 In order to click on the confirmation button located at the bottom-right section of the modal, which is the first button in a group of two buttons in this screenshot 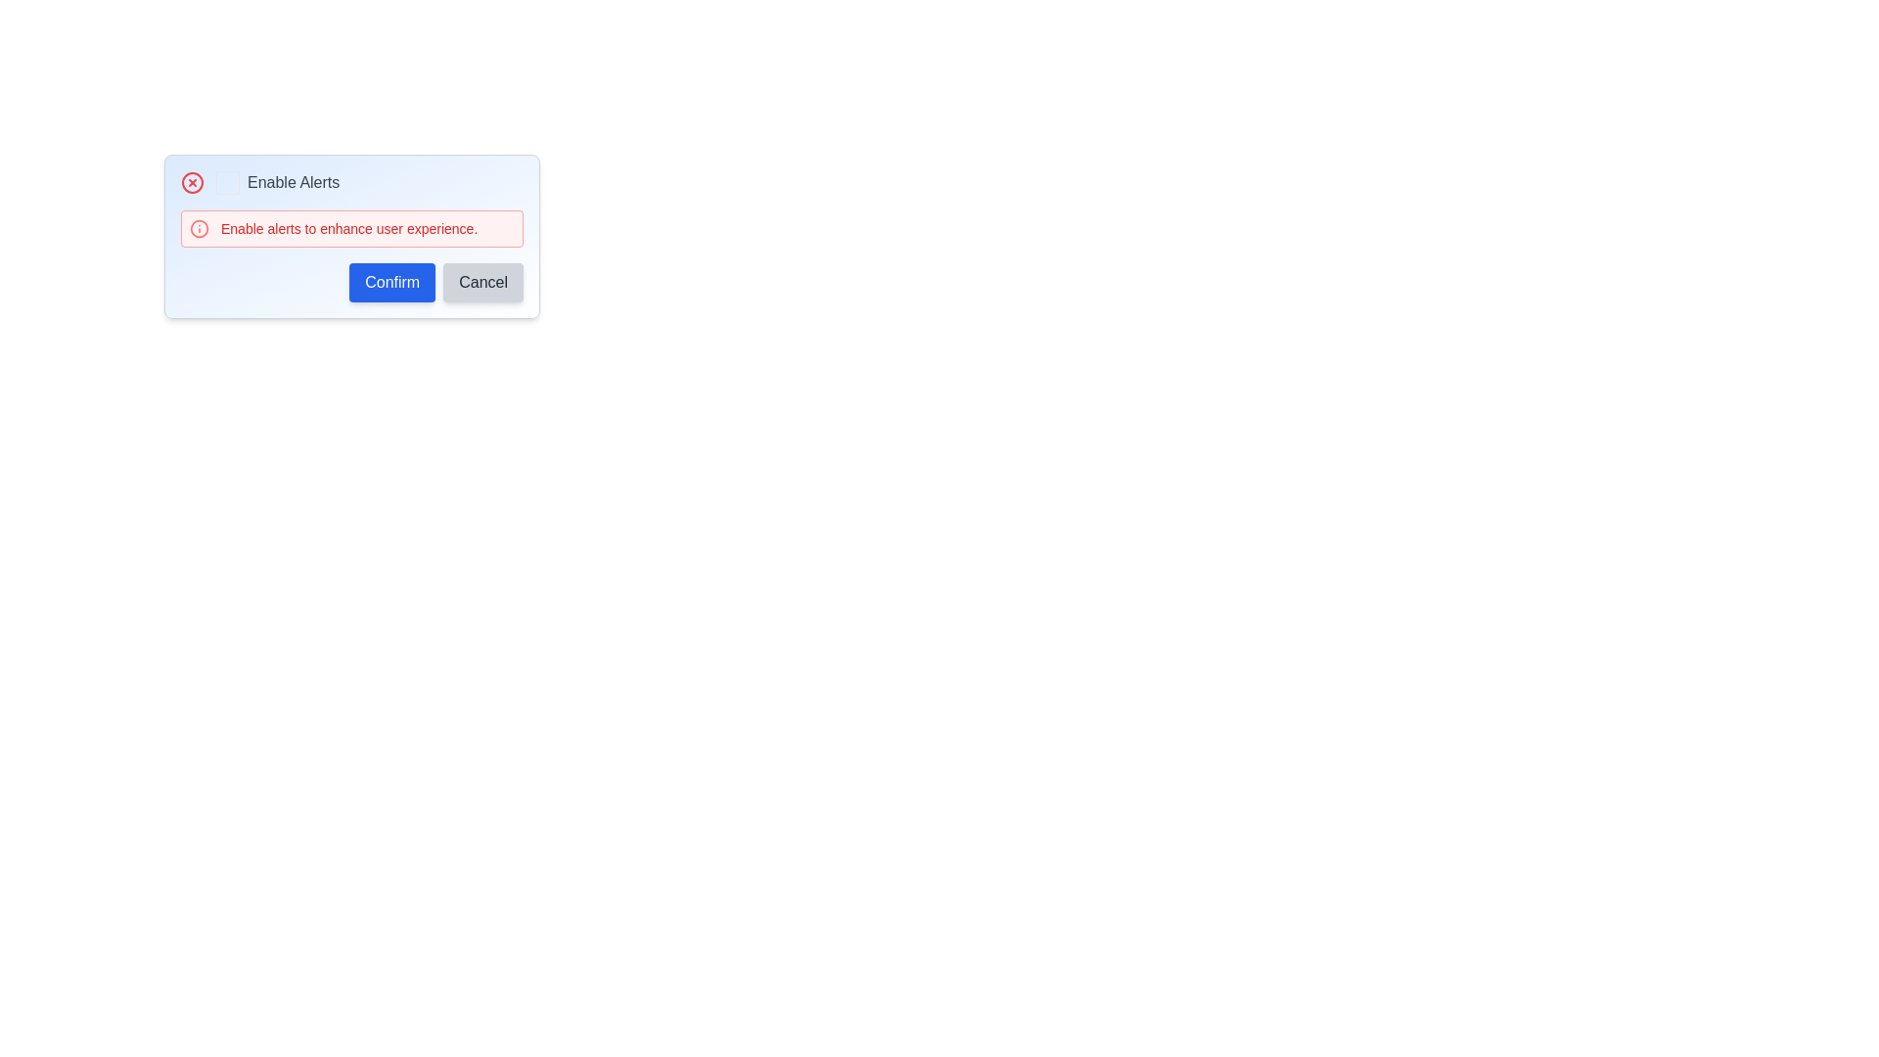, I will do `click(391, 283)`.